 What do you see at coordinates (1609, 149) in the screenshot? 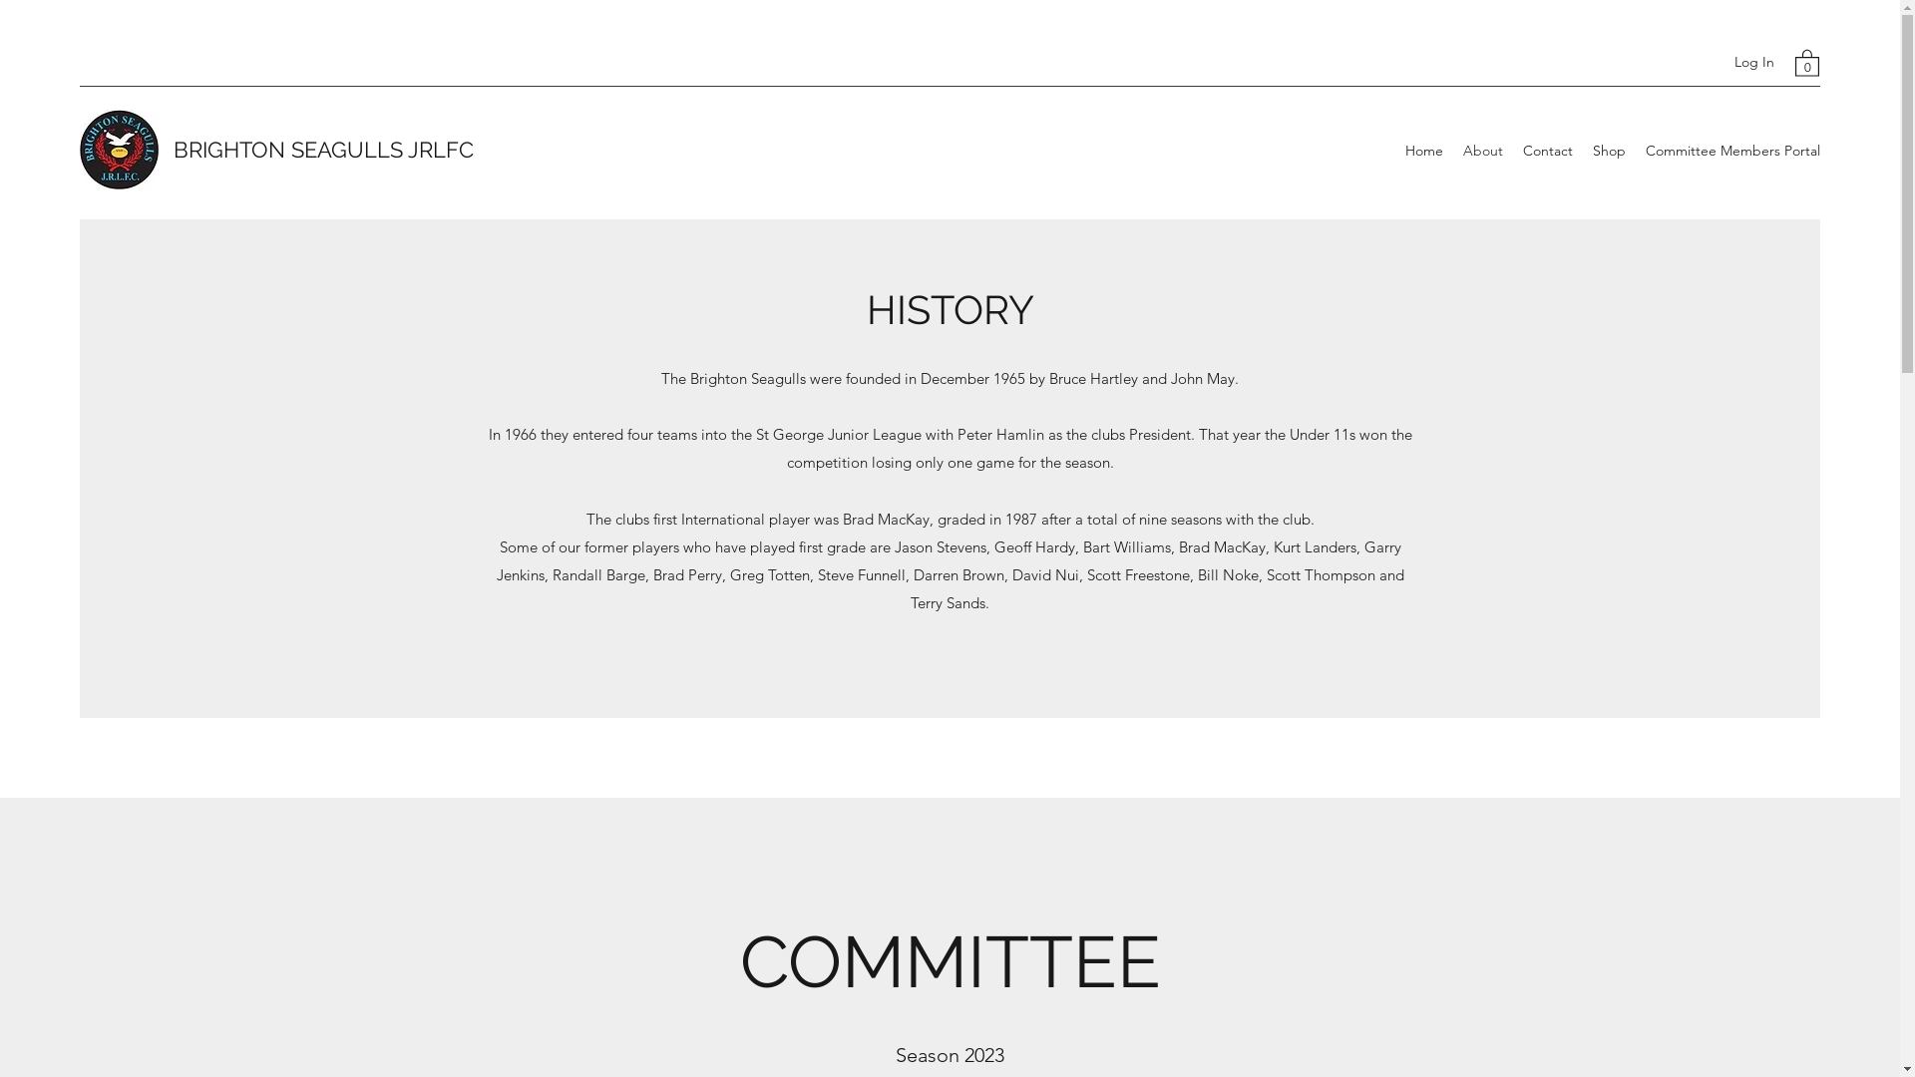
I see `'Shop'` at bounding box center [1609, 149].